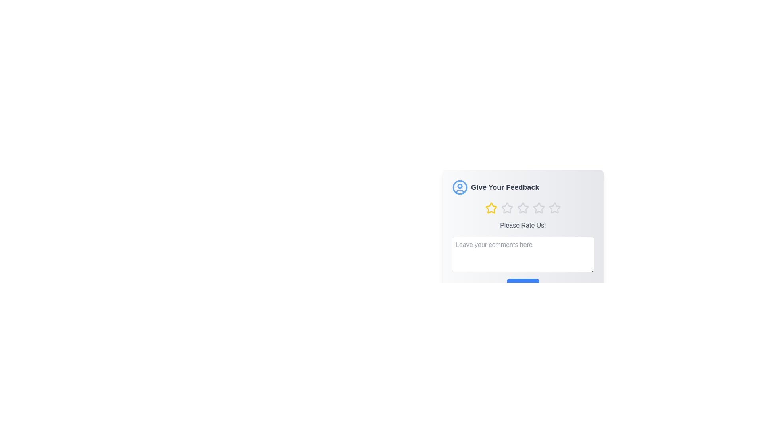 The height and width of the screenshot is (429, 762). Describe the element at coordinates (506, 207) in the screenshot. I see `the second star icon in the rating system, which is outlined in light gray indicating it is not selected` at that location.